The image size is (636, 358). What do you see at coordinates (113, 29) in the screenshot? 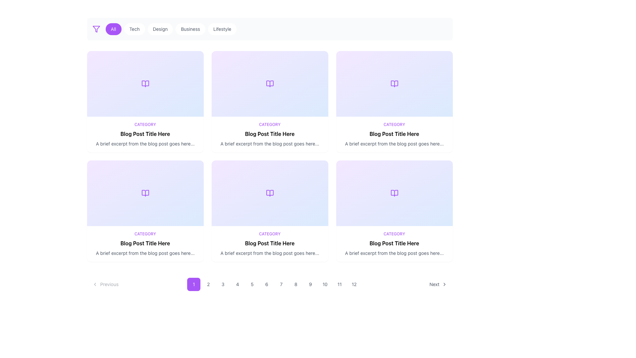
I see `the pill-shaped button with a violet background and white text reading 'All'` at bounding box center [113, 29].